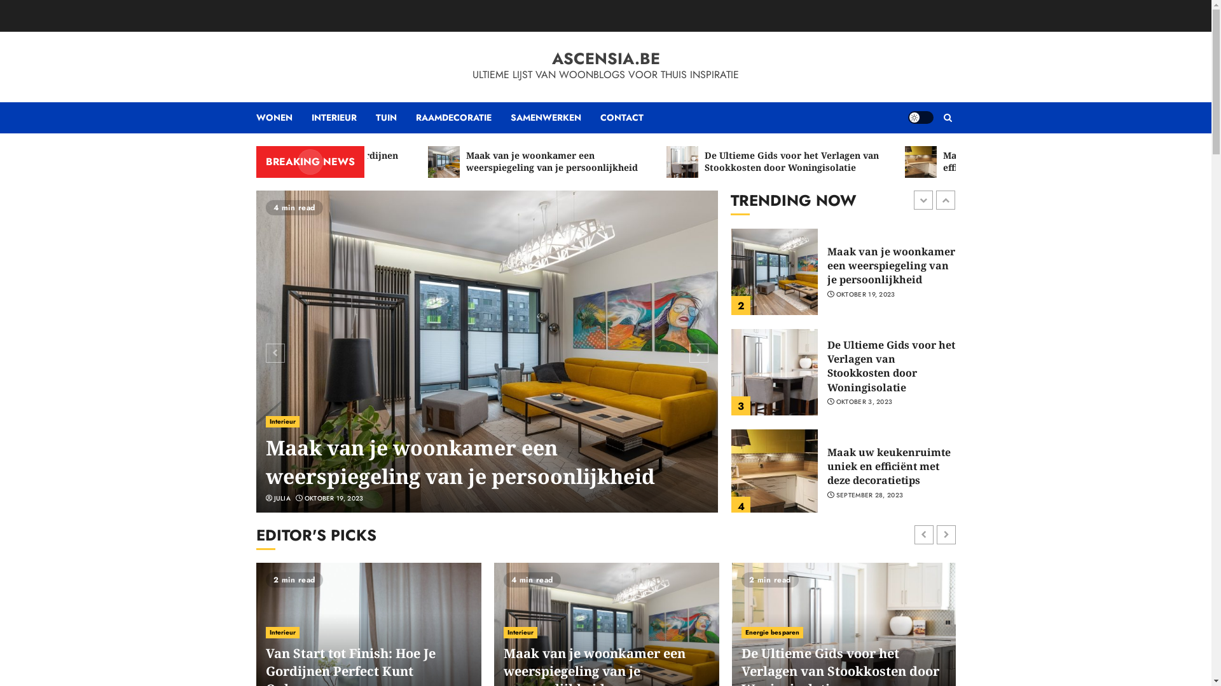 The image size is (1221, 686). Describe the element at coordinates (907, 118) in the screenshot. I see `'Light/Dark Button'` at that location.